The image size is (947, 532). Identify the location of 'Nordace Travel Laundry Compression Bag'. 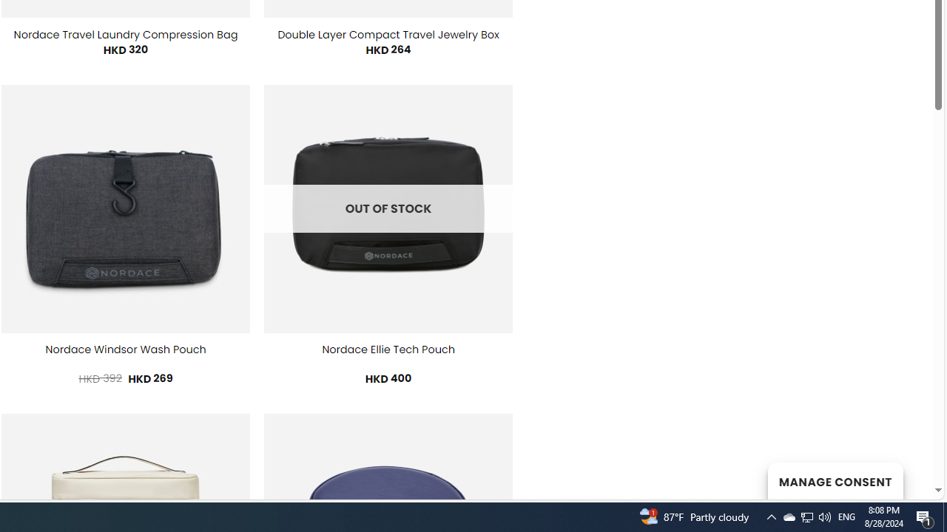
(126, 34).